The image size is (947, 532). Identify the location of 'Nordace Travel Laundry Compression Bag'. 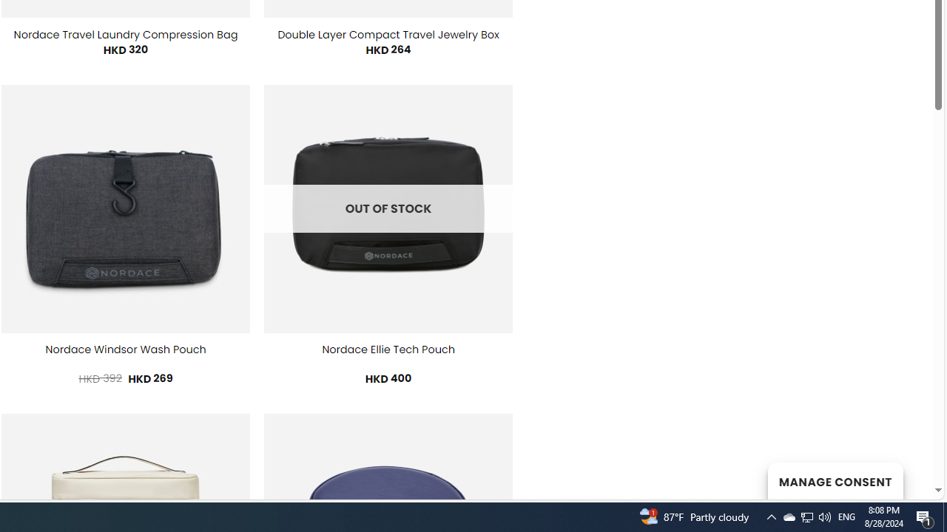
(126, 34).